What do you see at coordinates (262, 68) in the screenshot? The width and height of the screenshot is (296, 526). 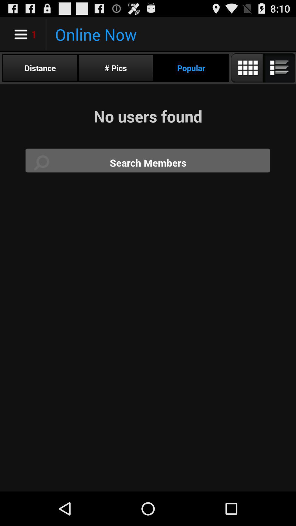 I see `icon to the right of the popular icon` at bounding box center [262, 68].